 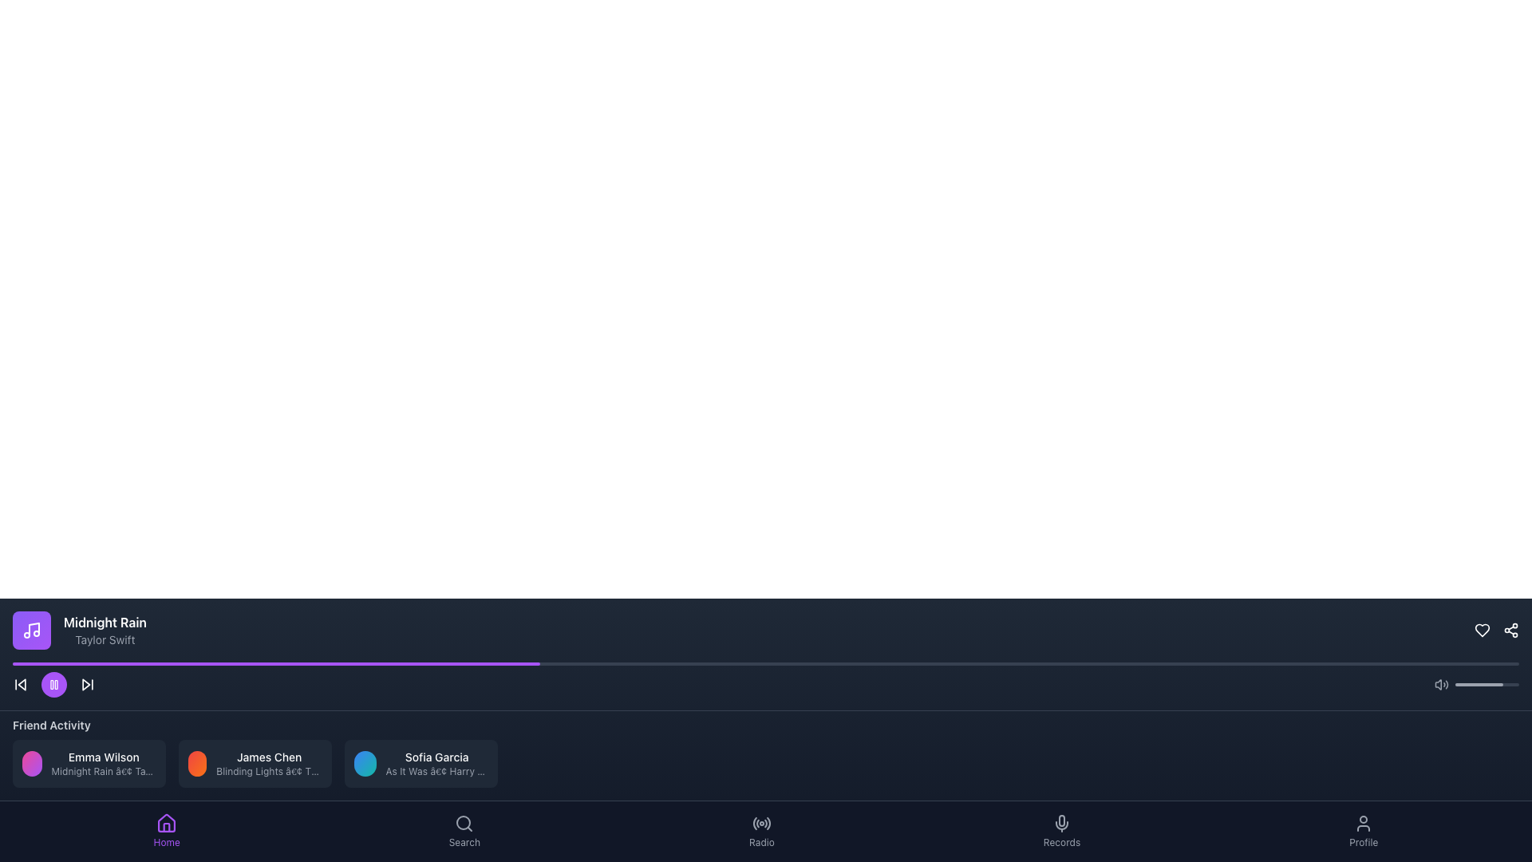 What do you see at coordinates (599, 664) in the screenshot?
I see `the progress bar` at bounding box center [599, 664].